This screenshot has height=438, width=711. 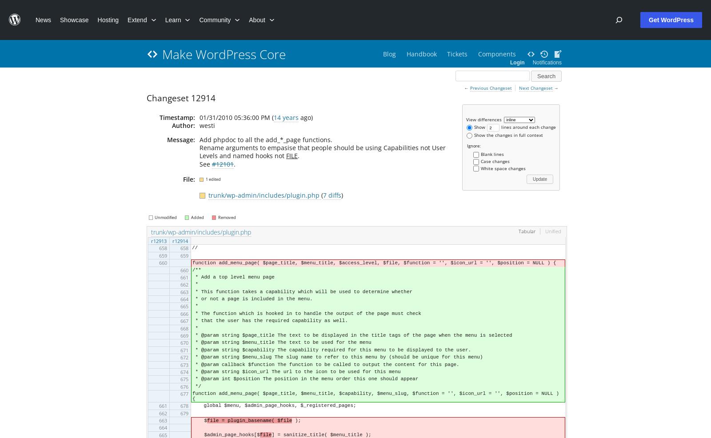 What do you see at coordinates (184, 320) in the screenshot?
I see `'667'` at bounding box center [184, 320].